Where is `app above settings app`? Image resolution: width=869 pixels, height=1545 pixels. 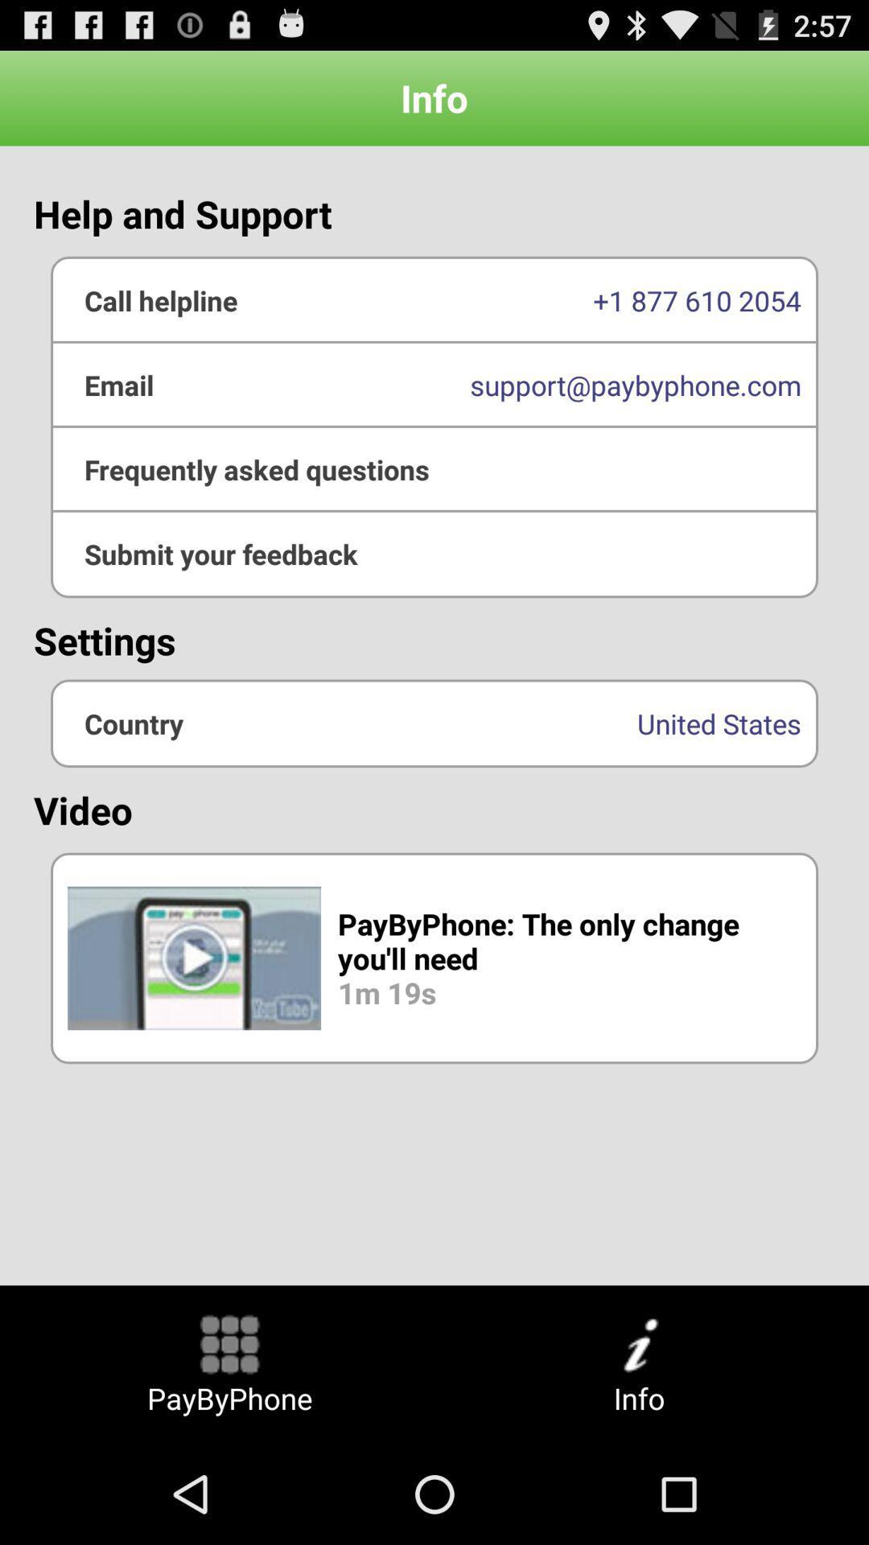 app above settings app is located at coordinates (434, 554).